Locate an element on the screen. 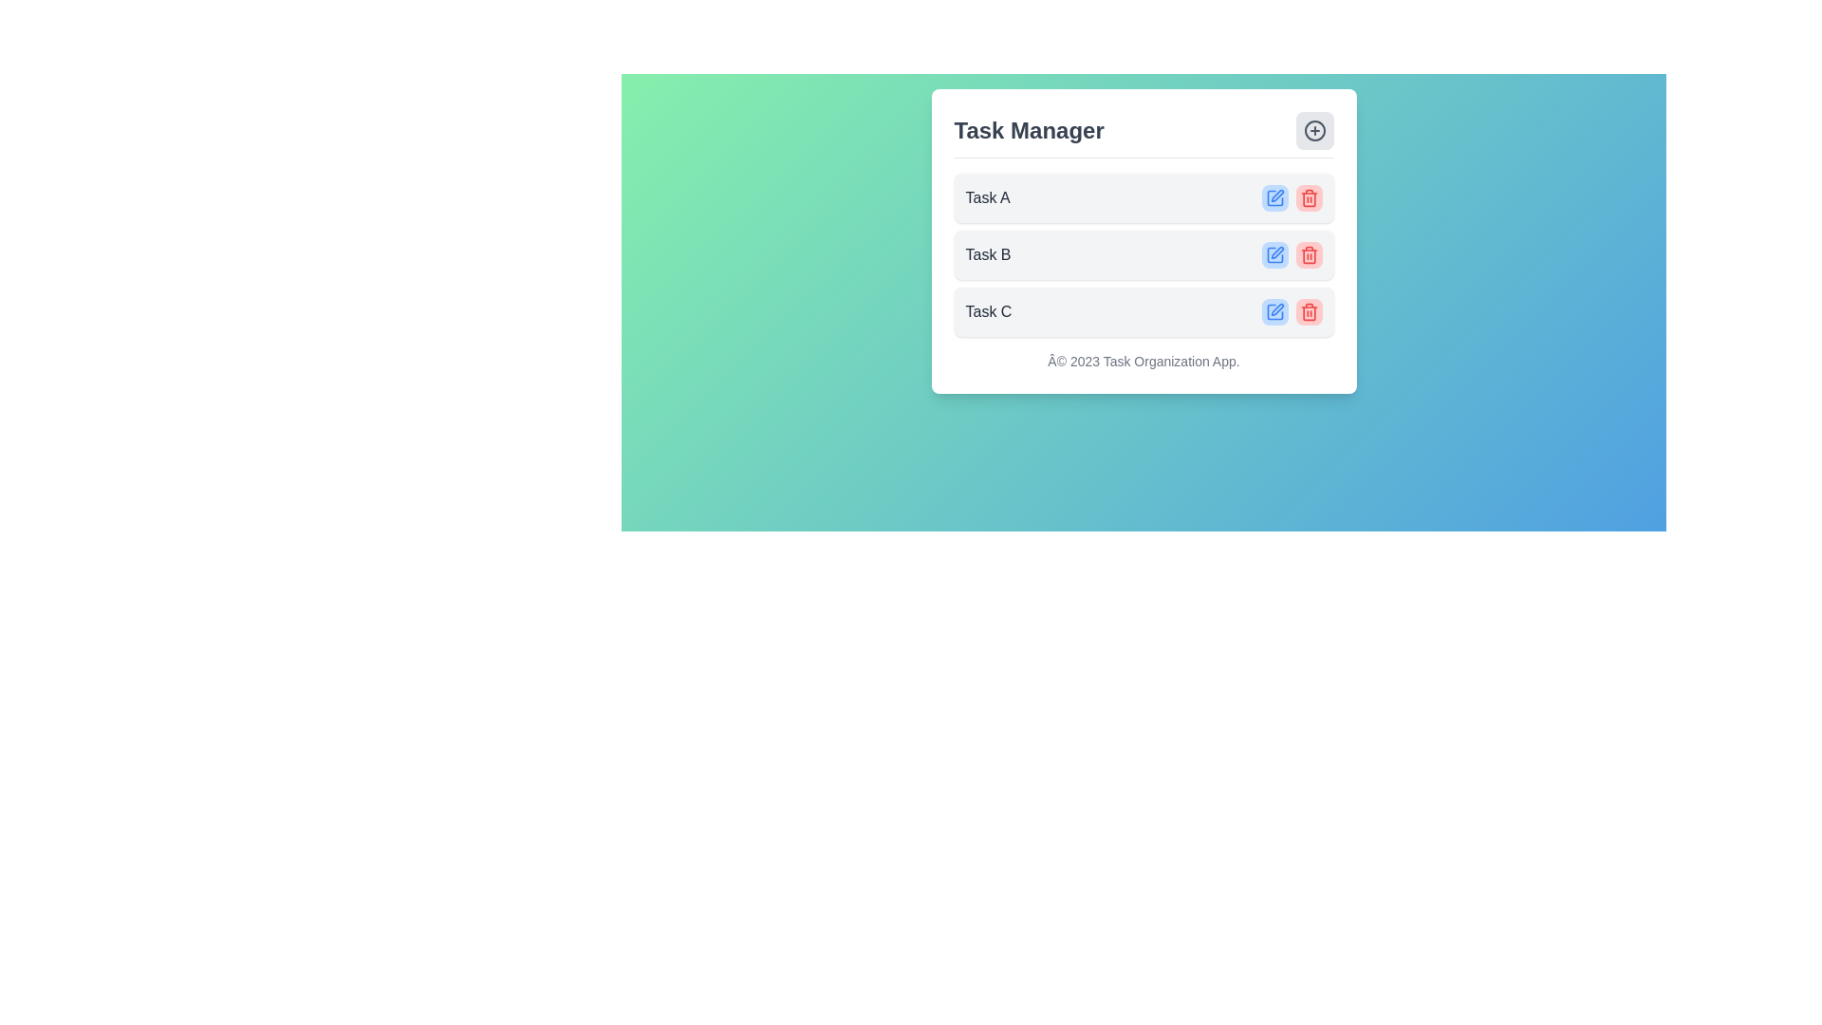 The width and height of the screenshot is (1822, 1025). the delete button located to the right of the blue pen icon button is located at coordinates (1308, 254).